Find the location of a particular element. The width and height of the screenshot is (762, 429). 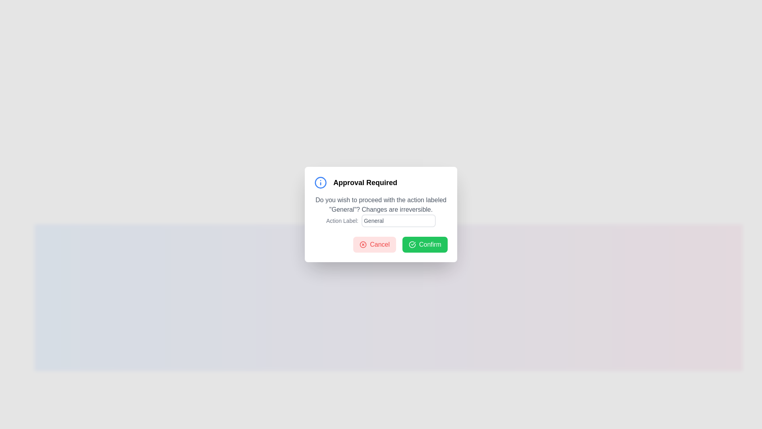

the green rectangular 'Confirm' button with rounded corners, which has a white checkmark icon and is located in the bottom-right of the modal dialog box is located at coordinates (424, 244).